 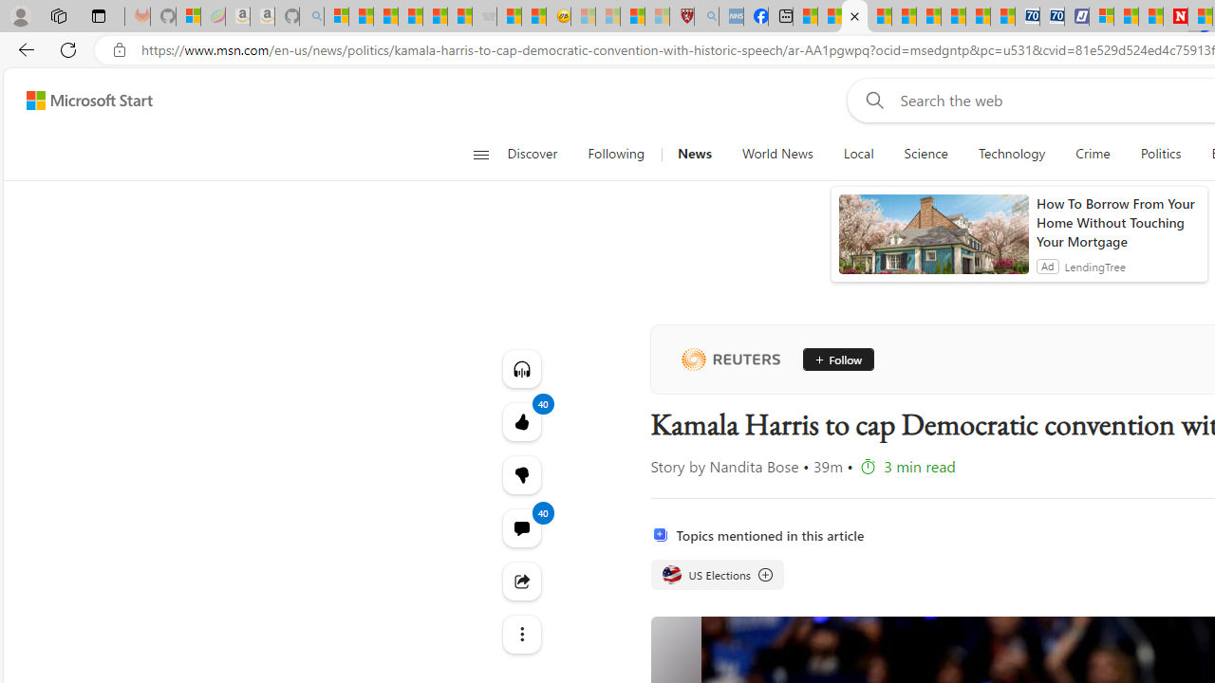 What do you see at coordinates (521, 634) in the screenshot?
I see `'Class: at-item'` at bounding box center [521, 634].